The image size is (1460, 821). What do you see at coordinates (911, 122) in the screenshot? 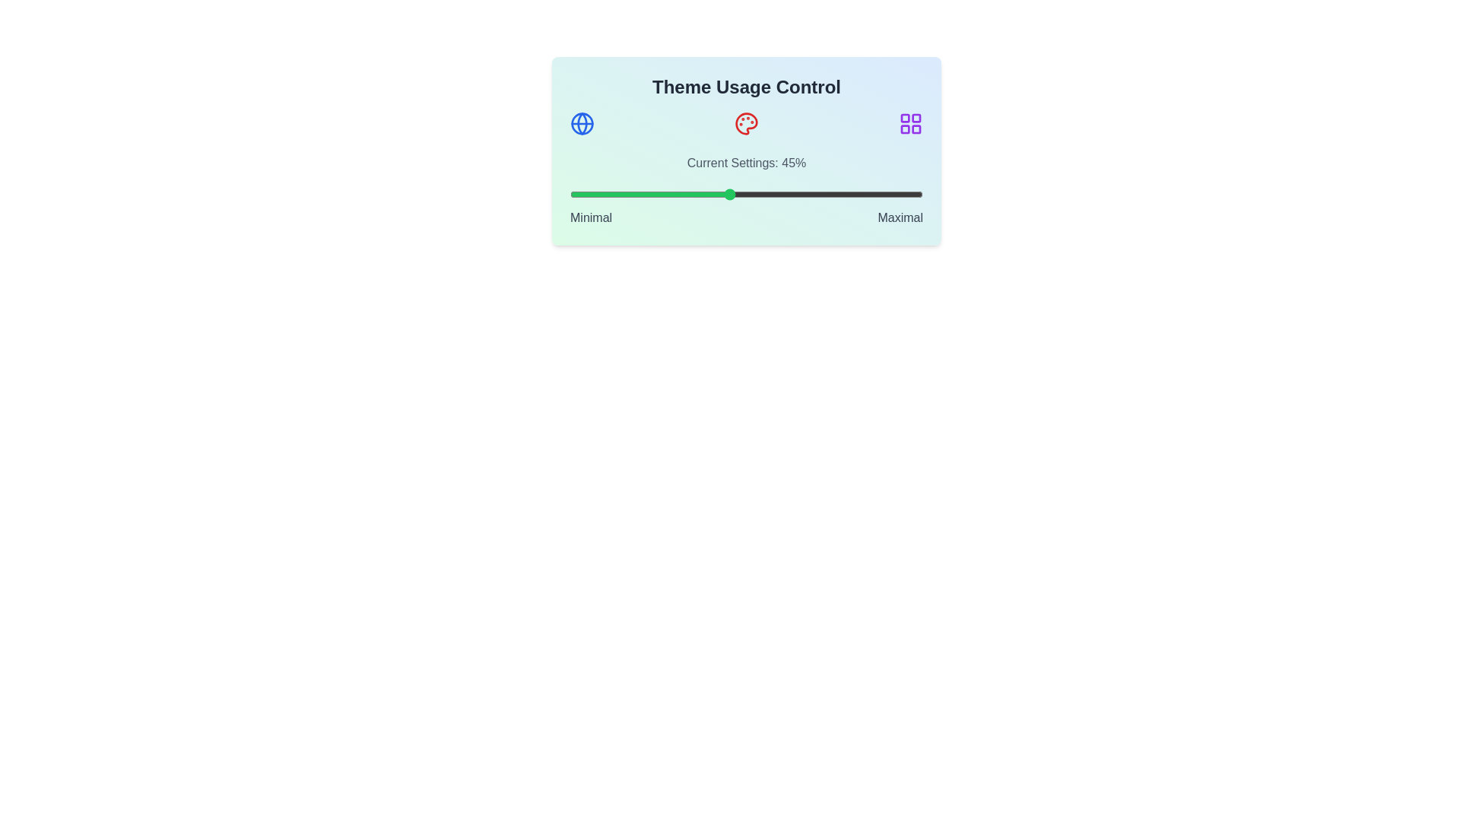
I see `the Layout Grid icon` at bounding box center [911, 122].